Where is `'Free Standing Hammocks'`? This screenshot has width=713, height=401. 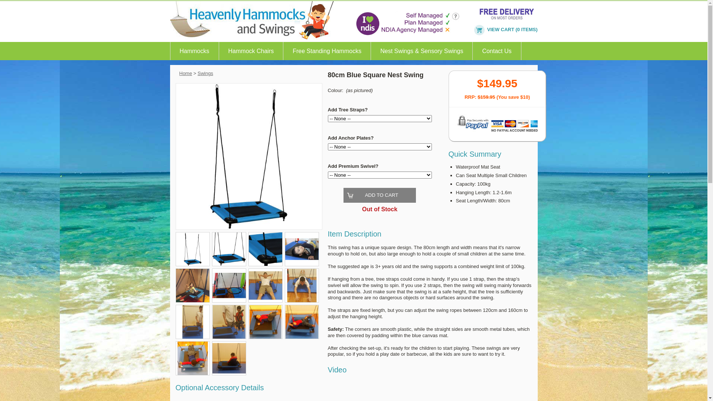
'Free Standing Hammocks' is located at coordinates (326, 50).